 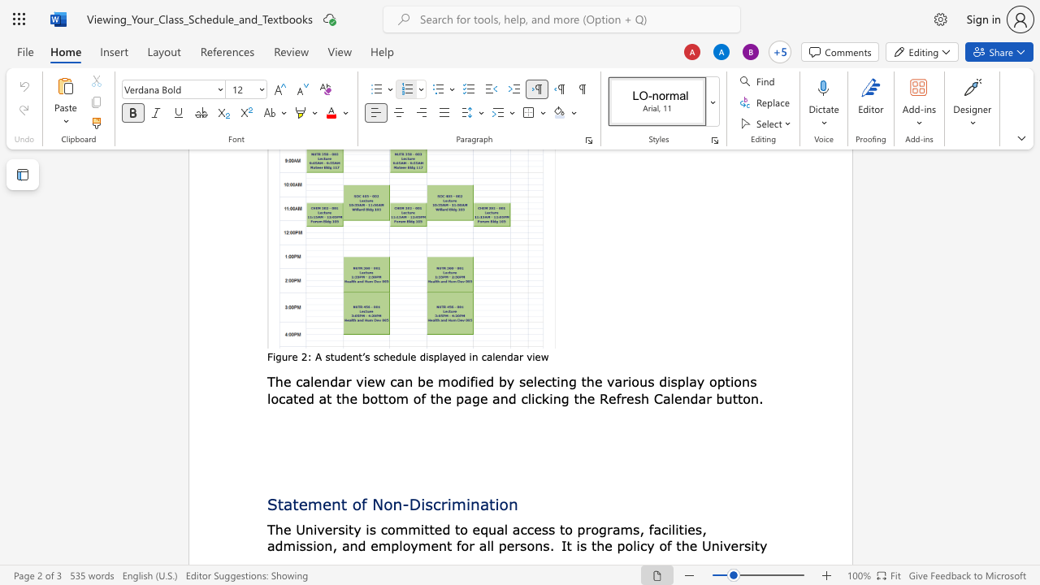 I want to click on the space between the continuous character "n" and "t" in the text, so click(x=357, y=356).